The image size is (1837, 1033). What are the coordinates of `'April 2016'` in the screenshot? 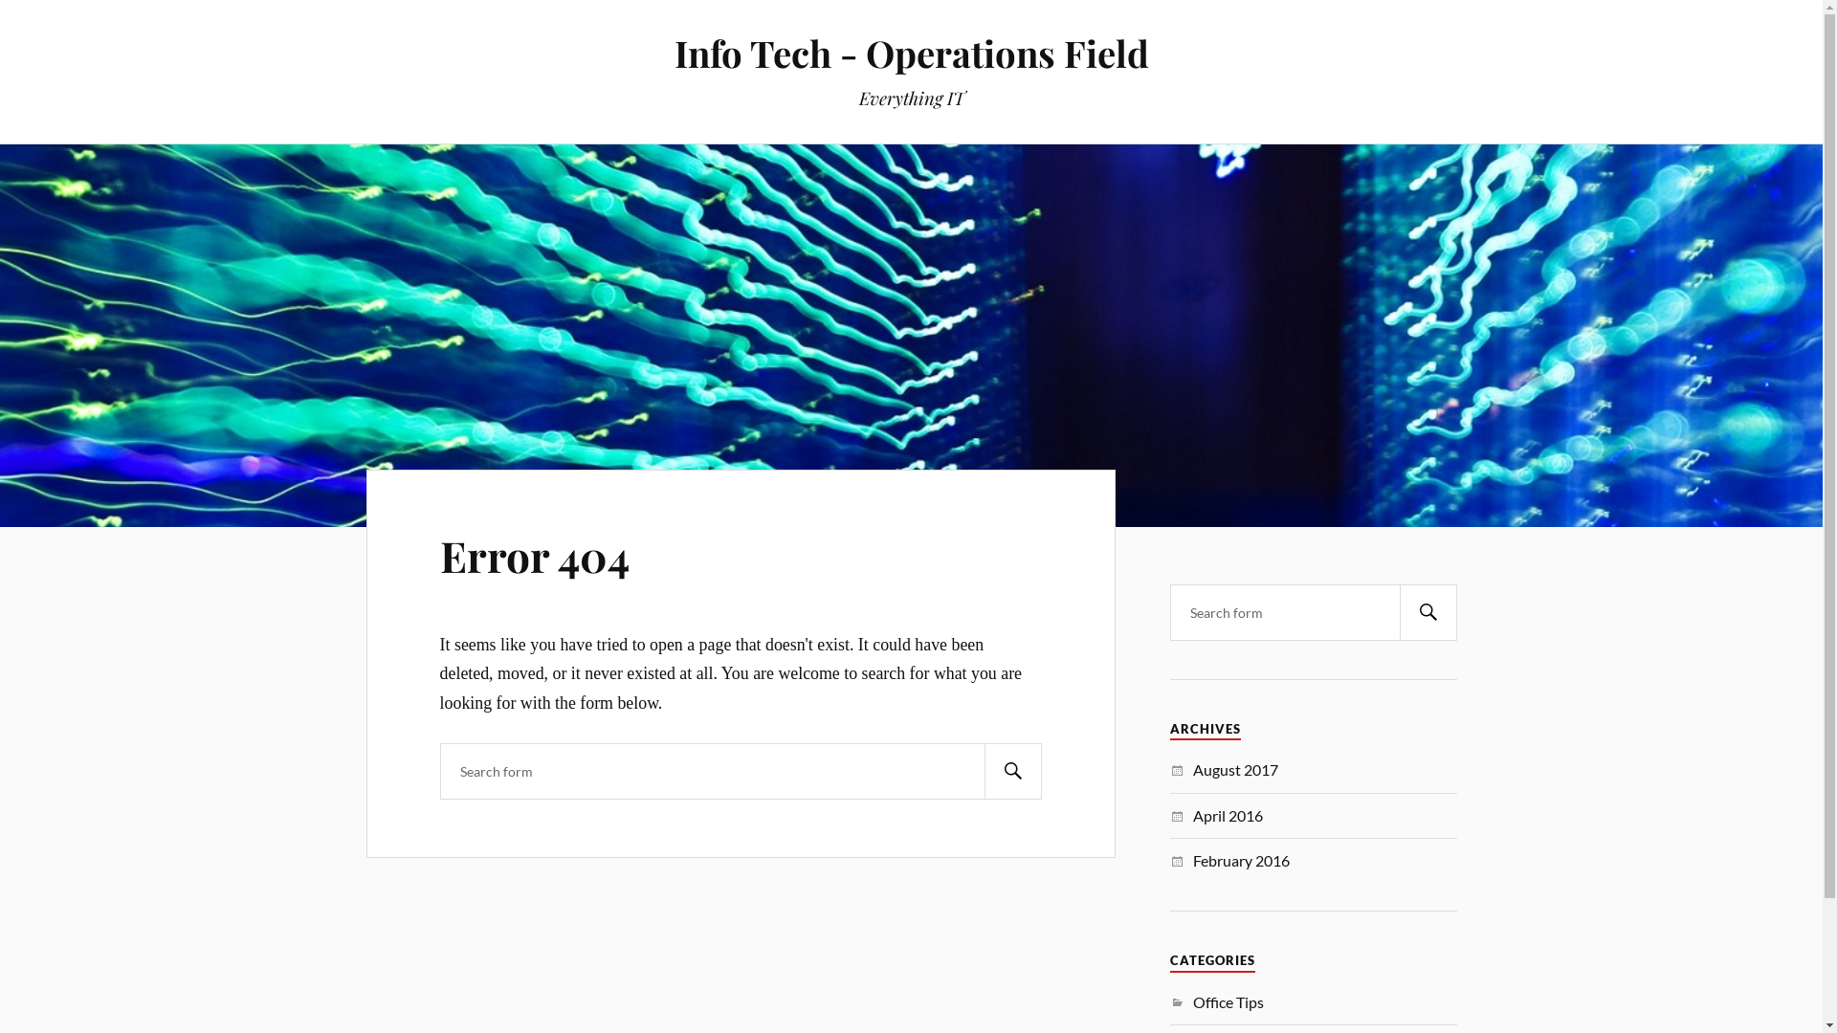 It's located at (1228, 815).